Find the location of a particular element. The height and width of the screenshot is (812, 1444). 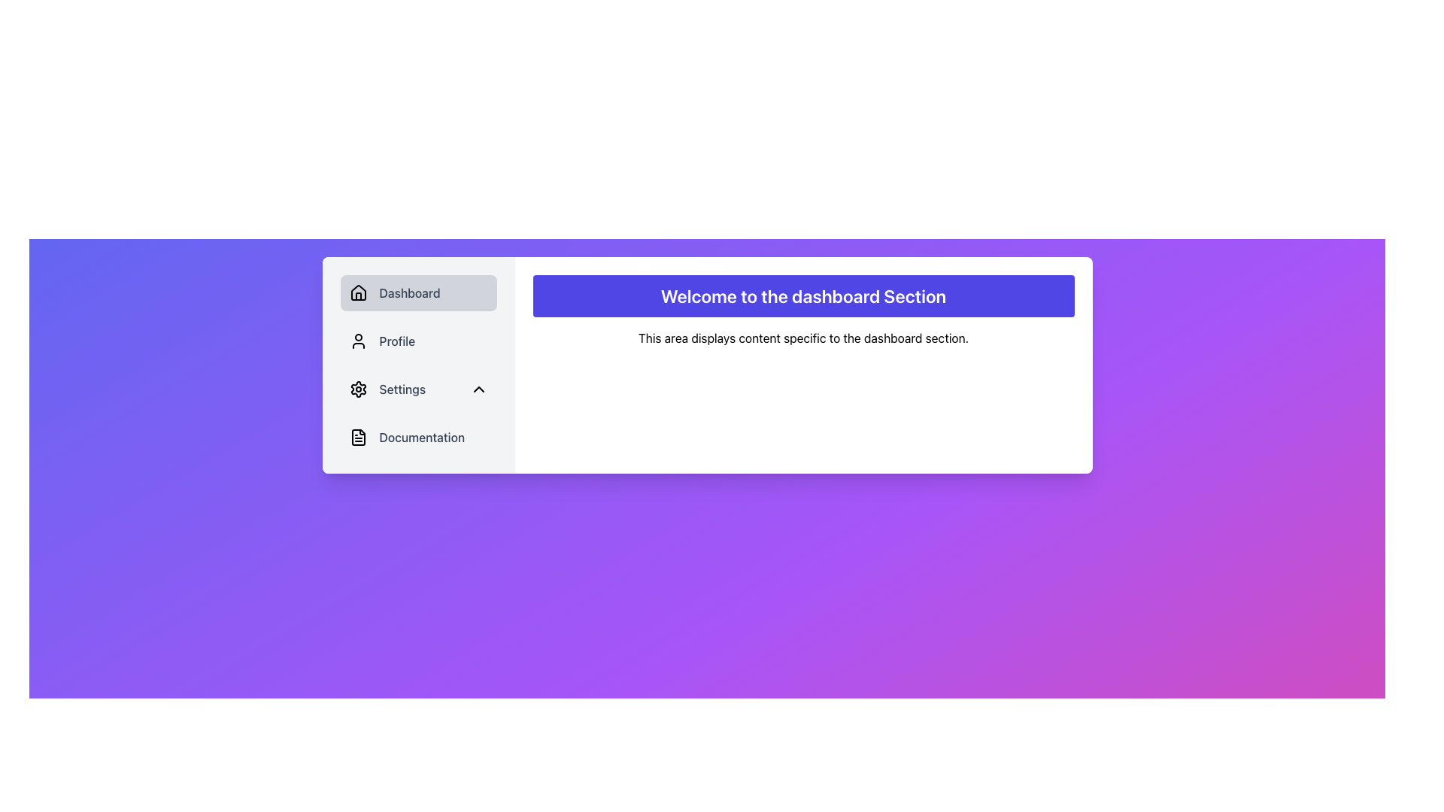

the document icon located in the vertical sidebar menu, positioned below 'Settings' and to the left of the 'Documentation' label is located at coordinates (357, 438).